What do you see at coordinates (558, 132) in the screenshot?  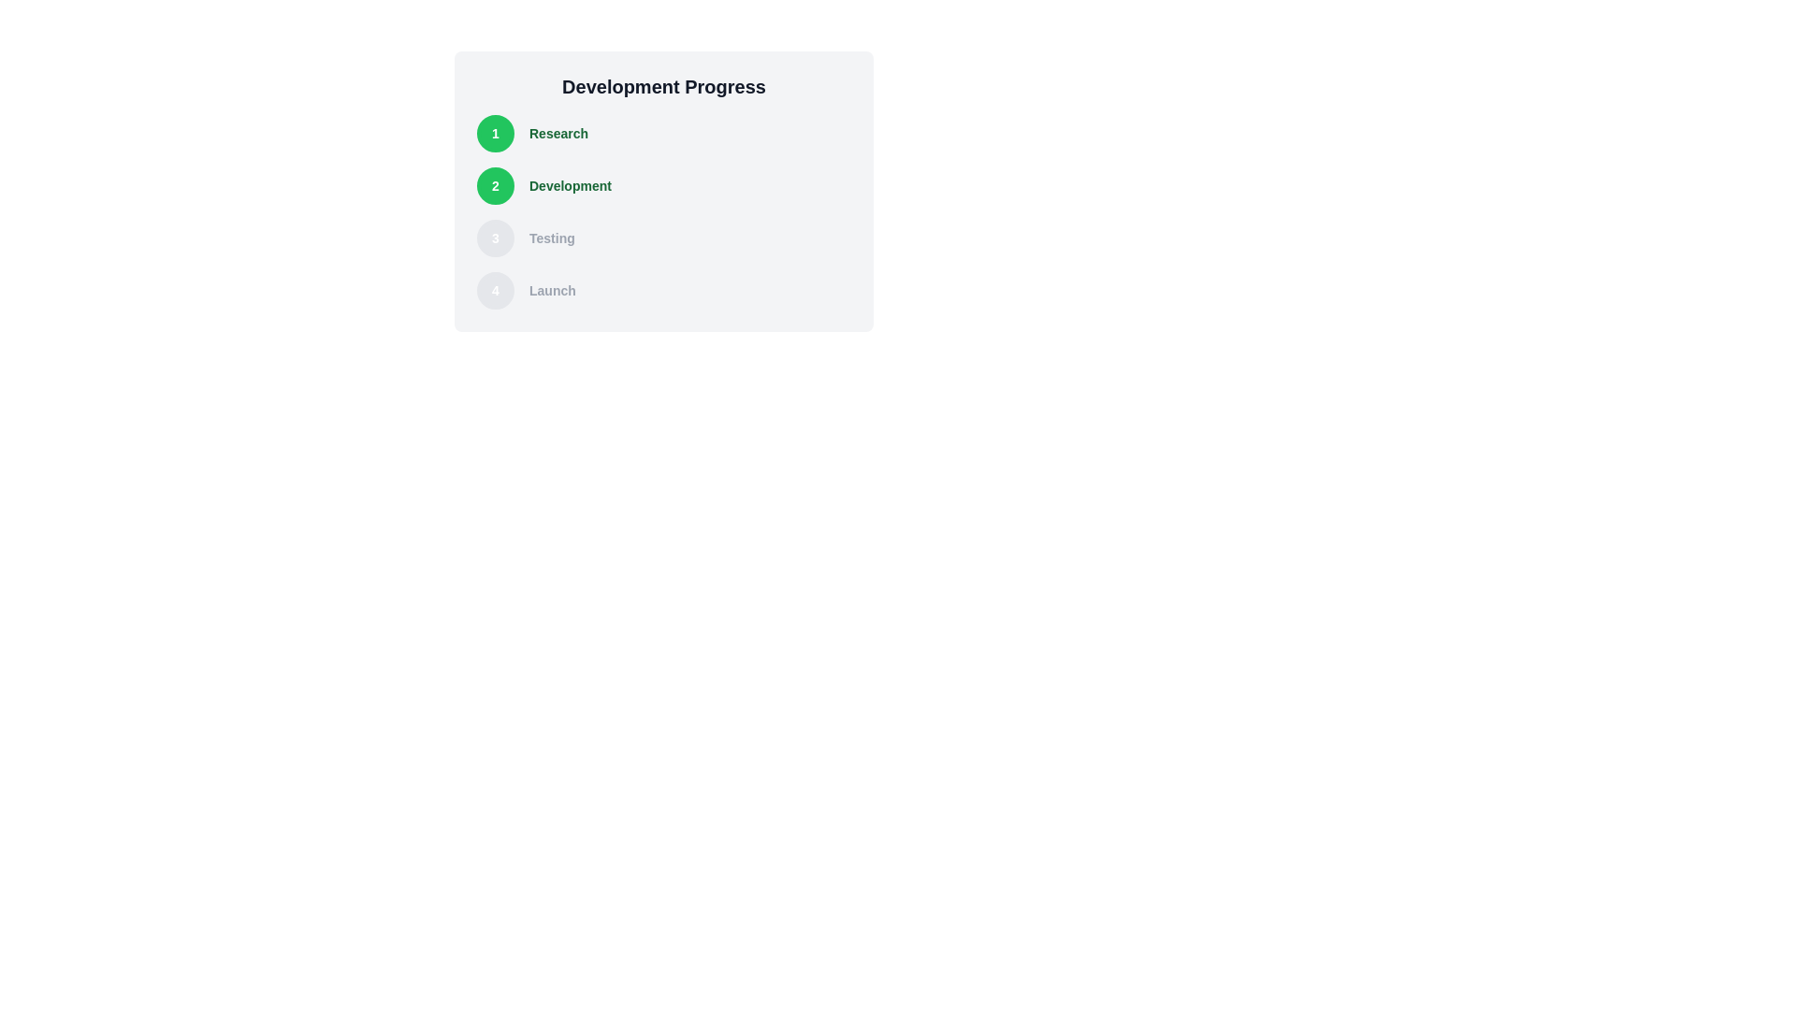 I see `the 'Research' text label, which indicates the first step of a progress tracking sequence, positioned next to the green circular icon labeled '1'` at bounding box center [558, 132].